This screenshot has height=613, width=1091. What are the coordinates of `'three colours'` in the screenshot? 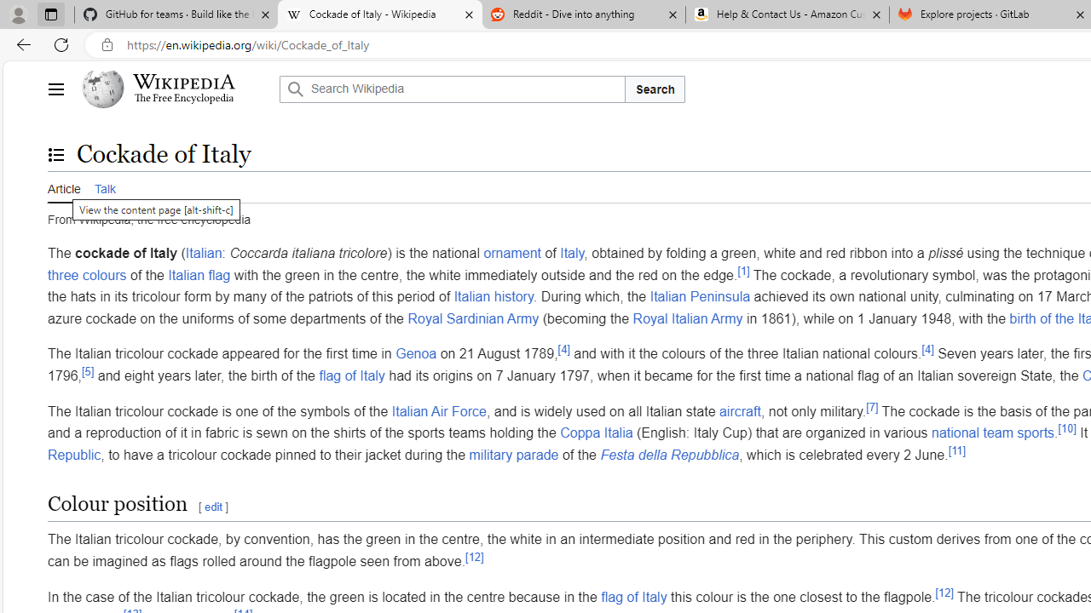 It's located at (86, 273).